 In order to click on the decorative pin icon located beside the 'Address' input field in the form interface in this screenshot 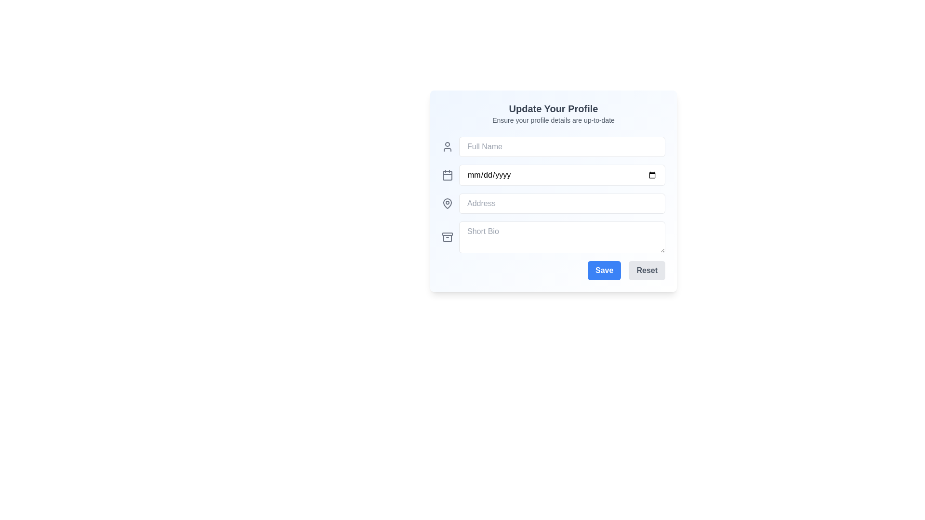, I will do `click(447, 202)`.